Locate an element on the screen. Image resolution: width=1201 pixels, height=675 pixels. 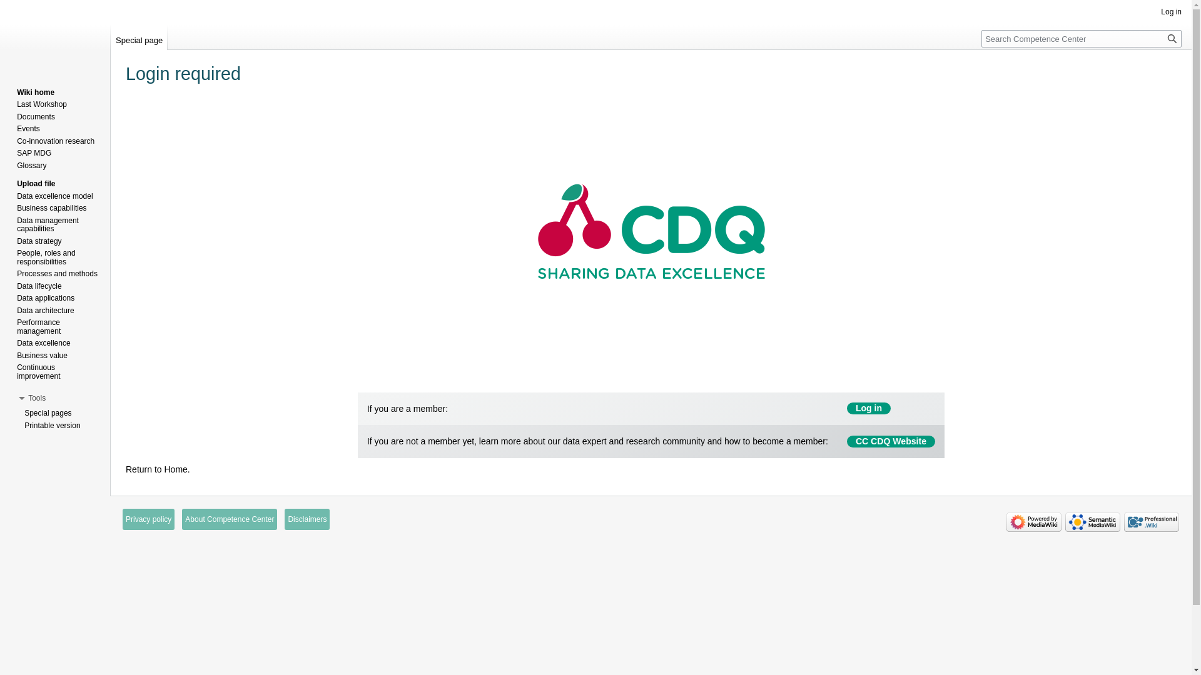
'Documents' is located at coordinates (36, 116).